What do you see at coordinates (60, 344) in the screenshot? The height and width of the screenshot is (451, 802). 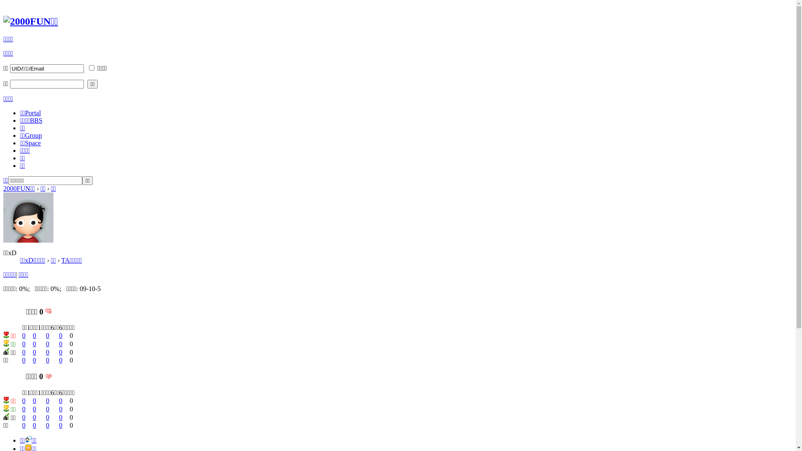 I see `'0'` at bounding box center [60, 344].